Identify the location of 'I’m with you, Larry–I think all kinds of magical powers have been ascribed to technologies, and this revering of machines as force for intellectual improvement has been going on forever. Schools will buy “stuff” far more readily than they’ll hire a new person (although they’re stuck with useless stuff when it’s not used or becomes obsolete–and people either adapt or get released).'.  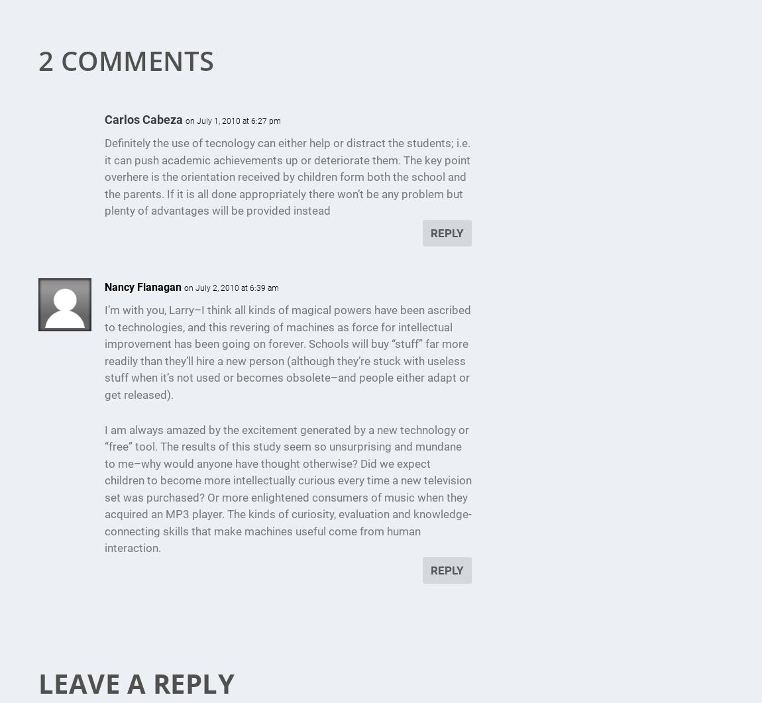
(103, 351).